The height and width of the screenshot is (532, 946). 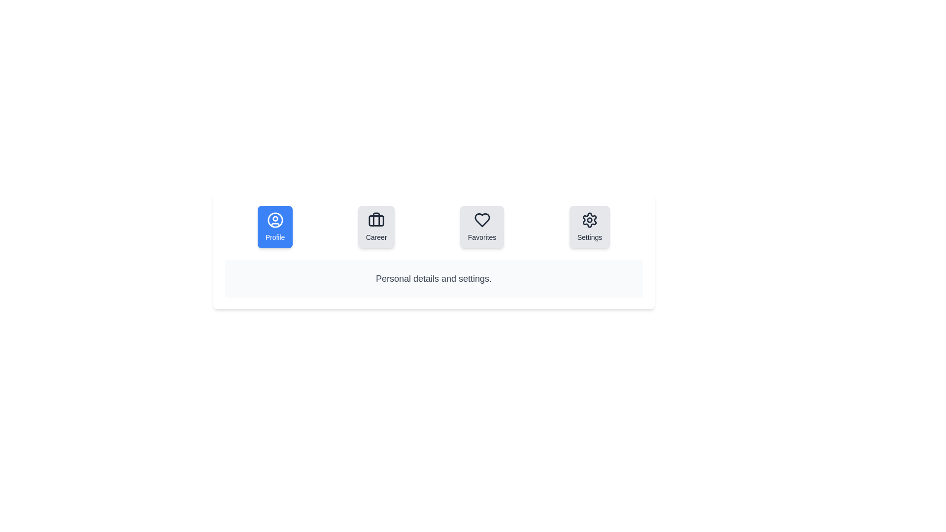 I want to click on the Favorites tab, so click(x=482, y=227).